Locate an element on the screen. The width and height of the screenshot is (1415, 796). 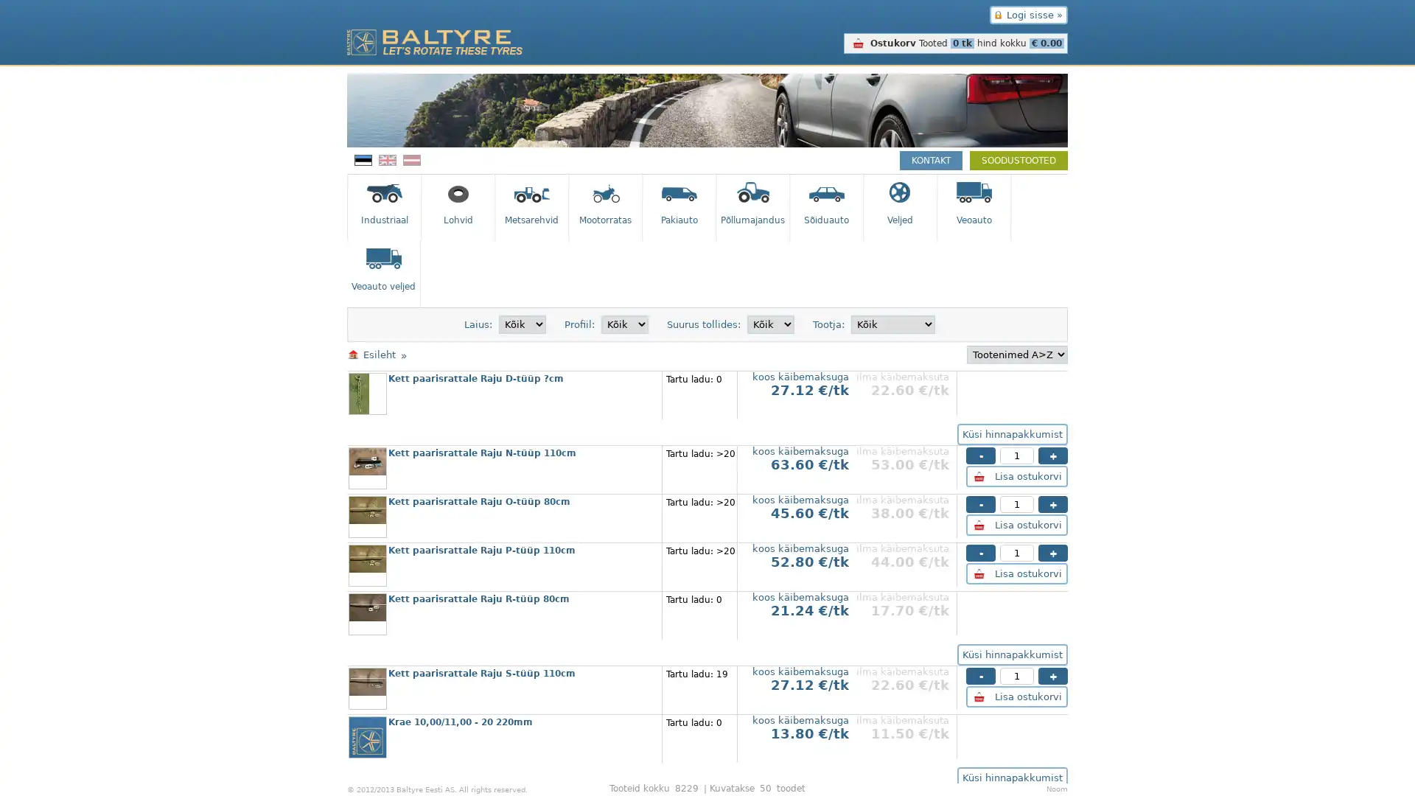
+ is located at coordinates (1052, 455).